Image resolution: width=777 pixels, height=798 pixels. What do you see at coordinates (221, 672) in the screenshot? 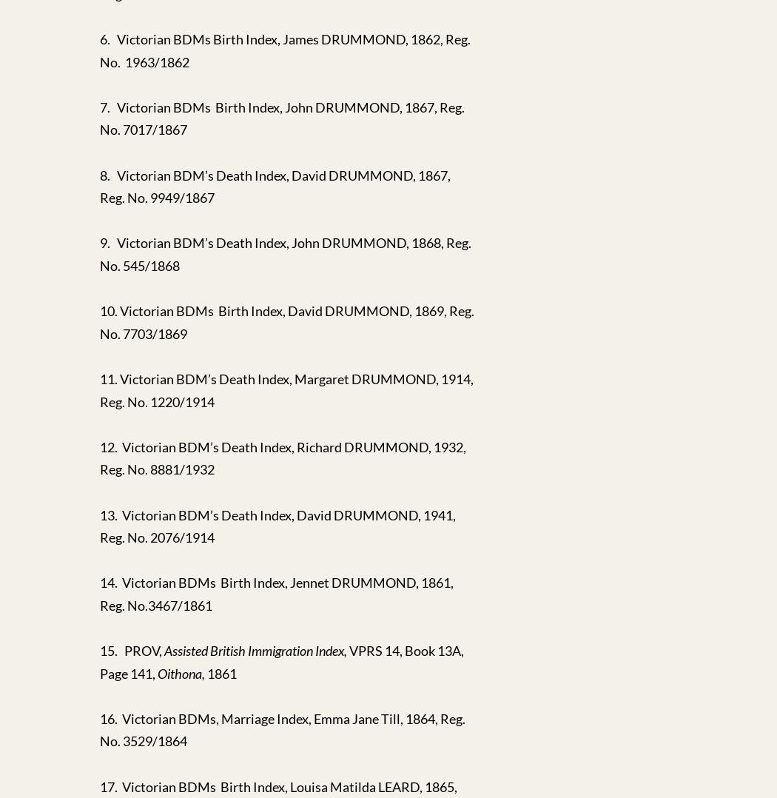
I see `'1861'` at bounding box center [221, 672].